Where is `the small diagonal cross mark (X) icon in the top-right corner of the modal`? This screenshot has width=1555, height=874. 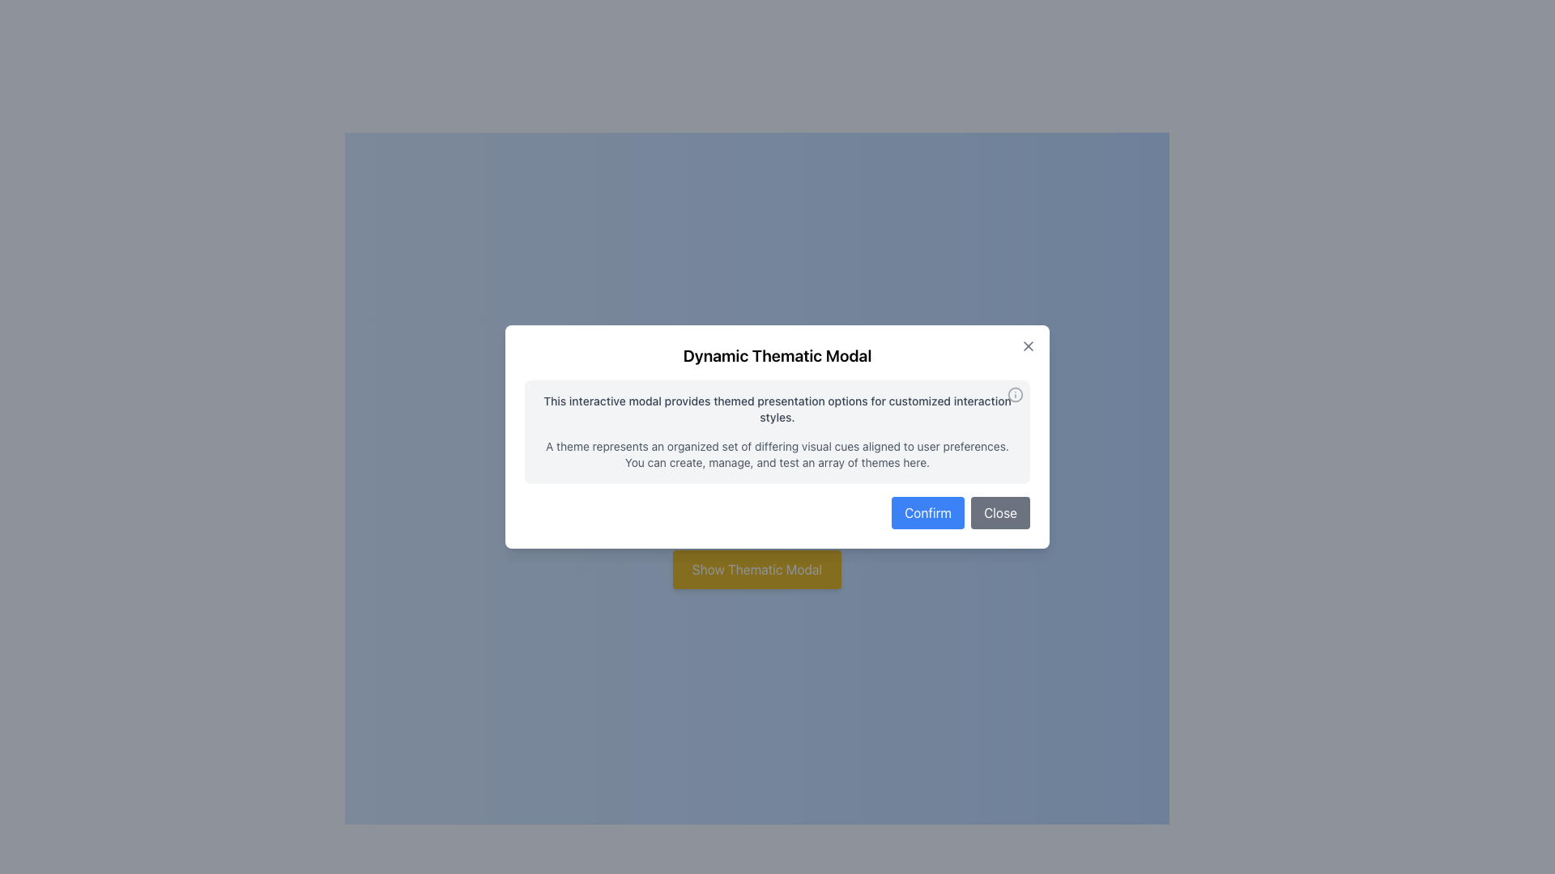
the small diagonal cross mark (X) icon in the top-right corner of the modal is located at coordinates (1028, 346).